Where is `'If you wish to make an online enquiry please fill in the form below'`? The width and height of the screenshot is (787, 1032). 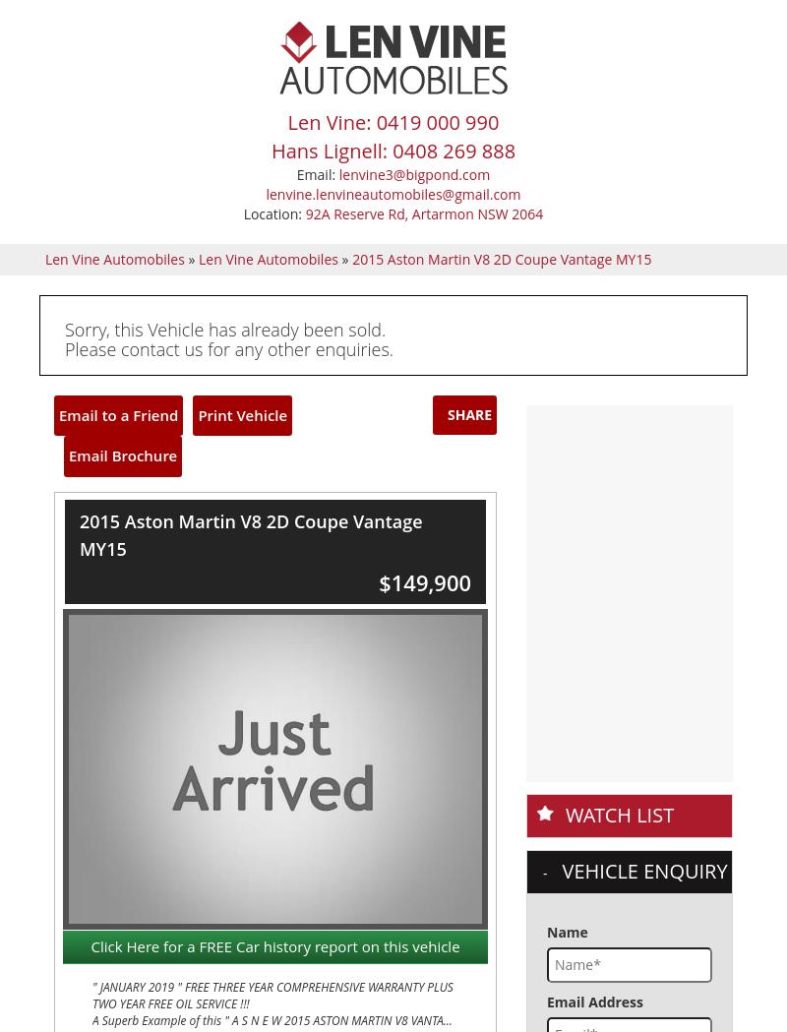
'If you wish to make an online enquiry please fill in the form below' is located at coordinates (273, 657).